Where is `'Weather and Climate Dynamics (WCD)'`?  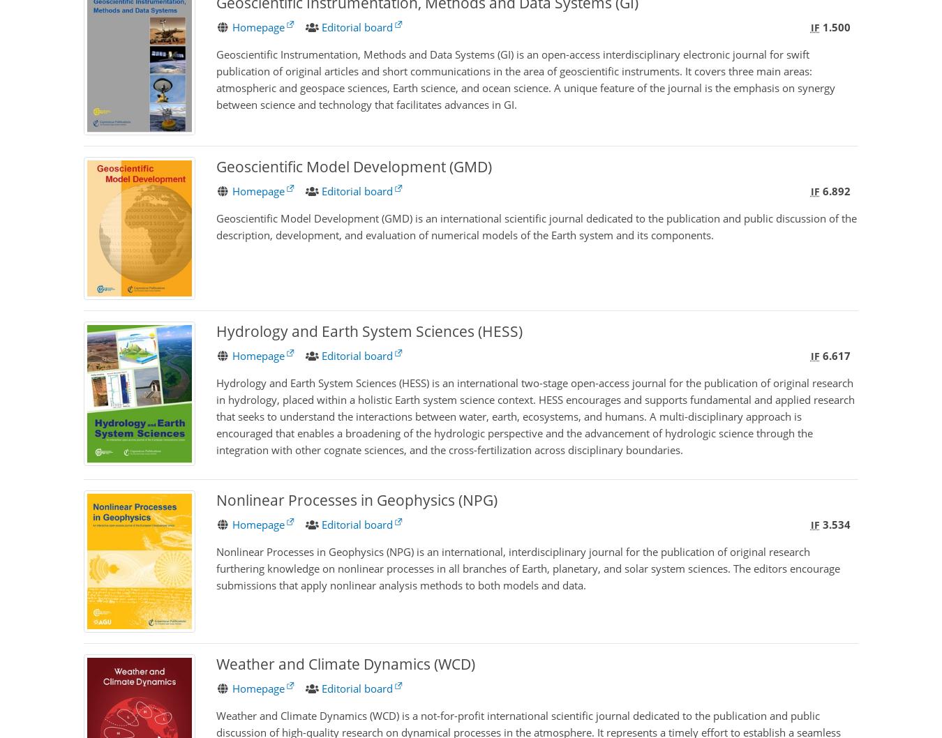 'Weather and Climate Dynamics (WCD)' is located at coordinates (345, 663).